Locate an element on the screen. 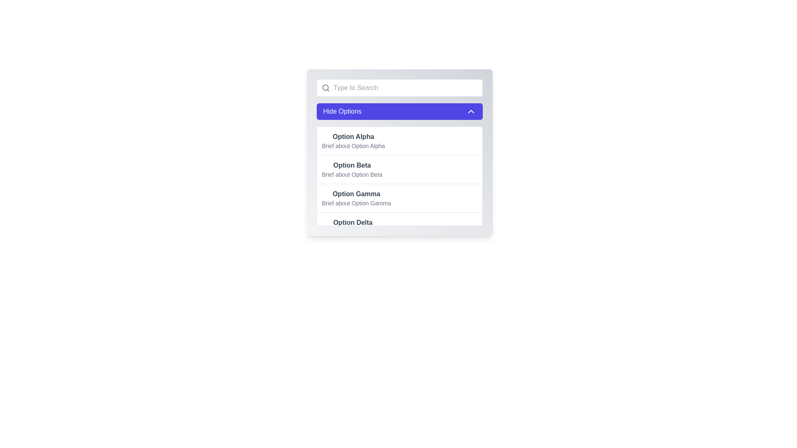 The height and width of the screenshot is (448, 797). text content of the Text label that serves as the title for a selectable option in the list, positioned between 'Option Alpha' and 'Option Gamma' is located at coordinates (352, 165).